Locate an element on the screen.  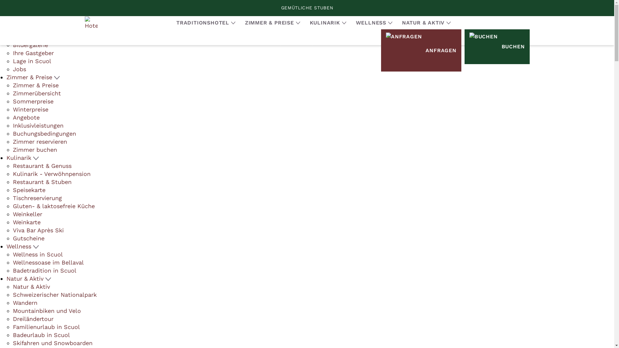
'Wellness in Scuol' is located at coordinates (37, 254).